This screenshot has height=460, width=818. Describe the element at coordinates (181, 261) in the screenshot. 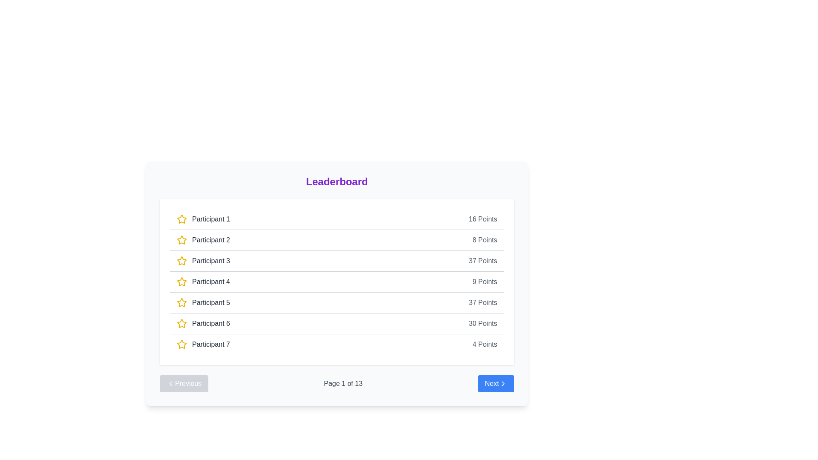

I see `the visual state of the star icon indicating the status or rating of 'Participant 3' on the leaderboard, located to the left of the participant's name` at that location.